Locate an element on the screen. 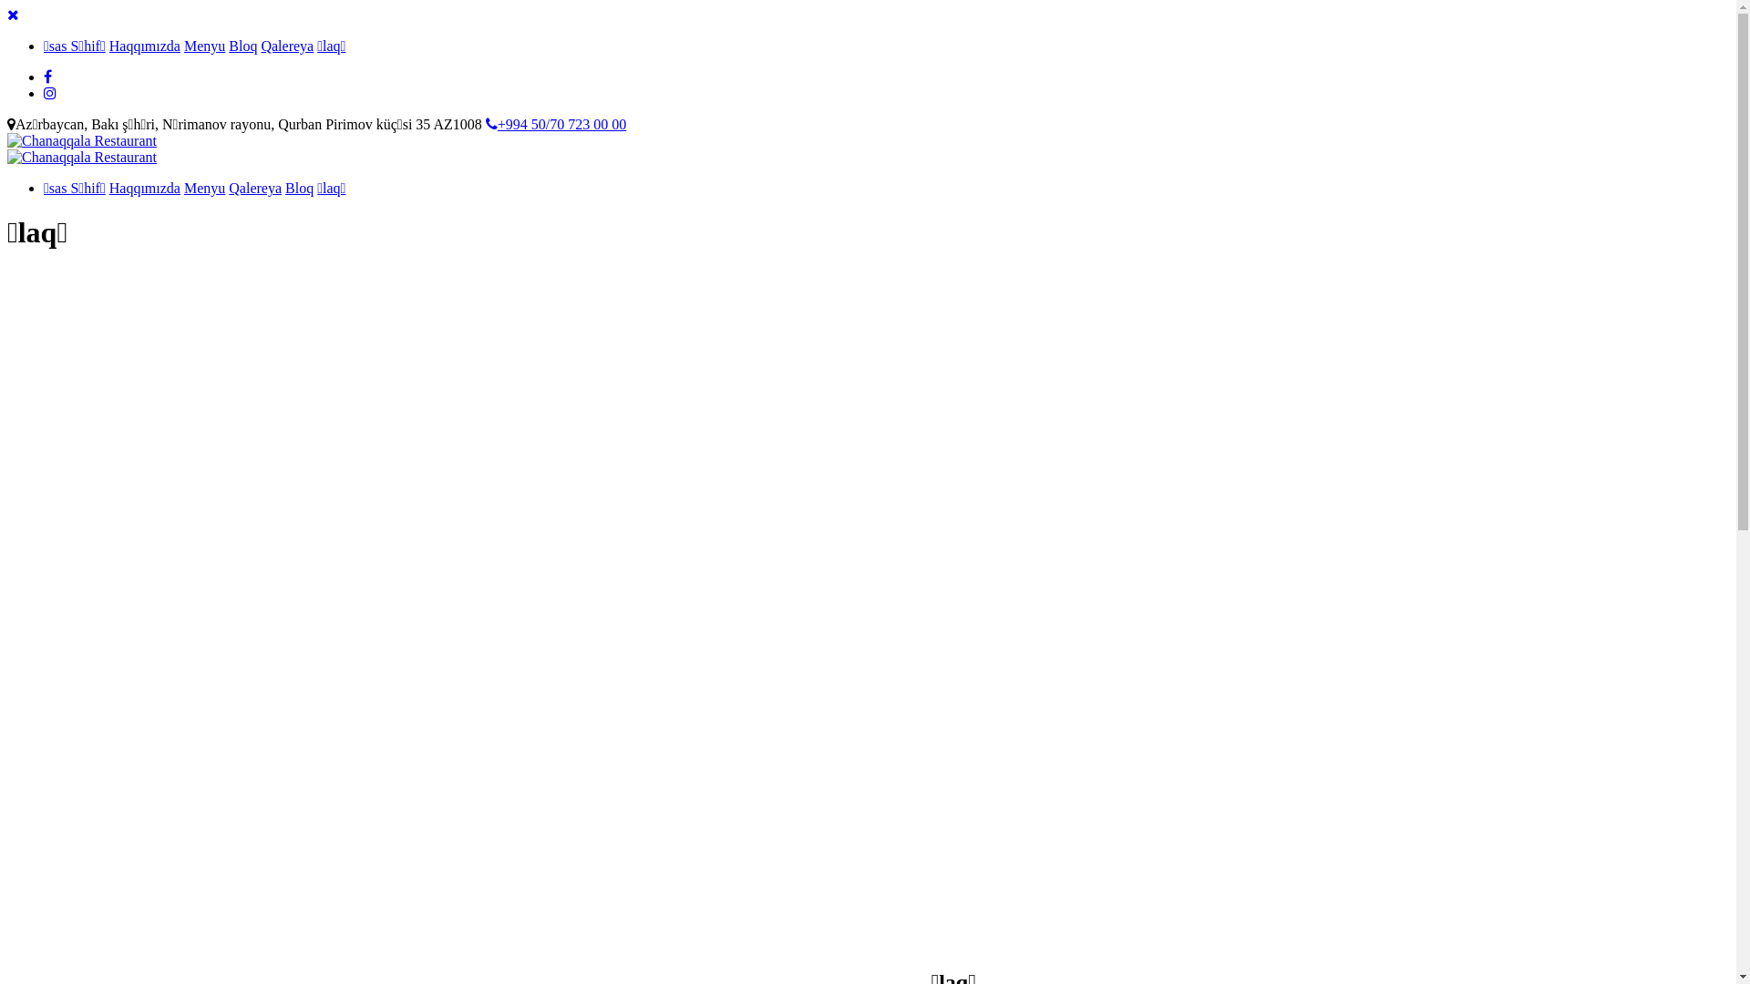 The image size is (1750, 984). 'Bloq' is located at coordinates (299, 188).